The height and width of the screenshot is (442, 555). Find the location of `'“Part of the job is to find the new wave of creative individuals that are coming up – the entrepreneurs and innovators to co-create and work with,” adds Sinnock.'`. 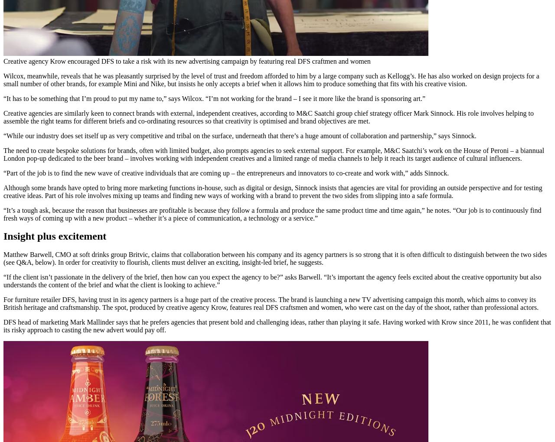

'“Part of the job is to find the new wave of creative individuals that are coming up – the entrepreneurs and innovators to co-create and work with,” adds Sinnock.' is located at coordinates (3, 172).